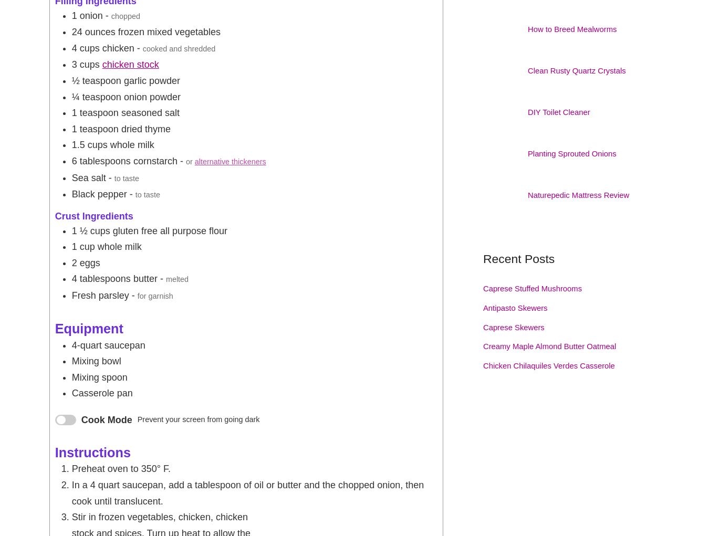 This screenshot has width=709, height=536. I want to click on 'Preheat oven to 350° F.', so click(120, 468).